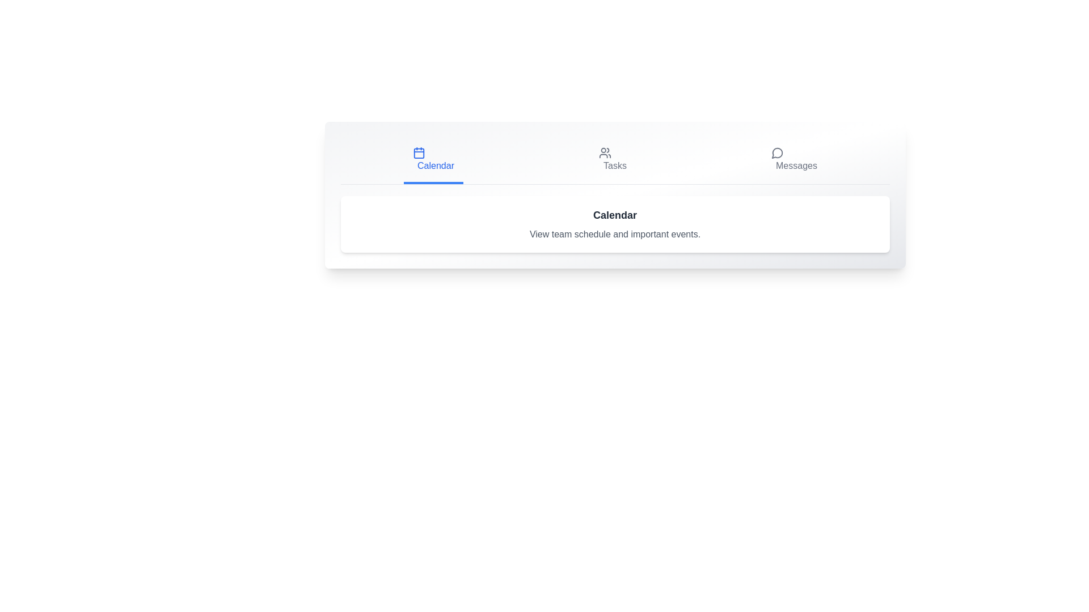  I want to click on the Tasks tab, so click(612, 159).